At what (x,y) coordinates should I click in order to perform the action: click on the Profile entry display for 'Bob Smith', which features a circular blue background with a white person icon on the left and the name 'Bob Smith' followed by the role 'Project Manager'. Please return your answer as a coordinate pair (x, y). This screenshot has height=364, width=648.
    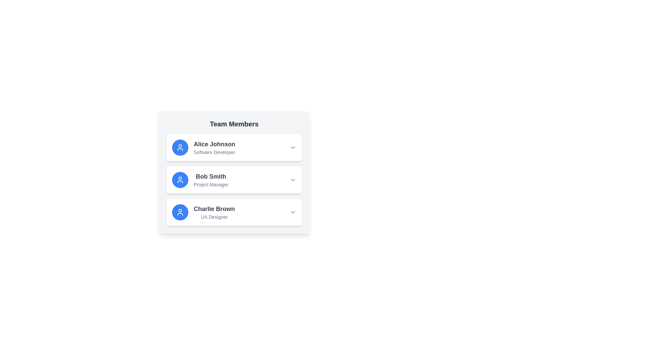
    Looking at the image, I should click on (200, 179).